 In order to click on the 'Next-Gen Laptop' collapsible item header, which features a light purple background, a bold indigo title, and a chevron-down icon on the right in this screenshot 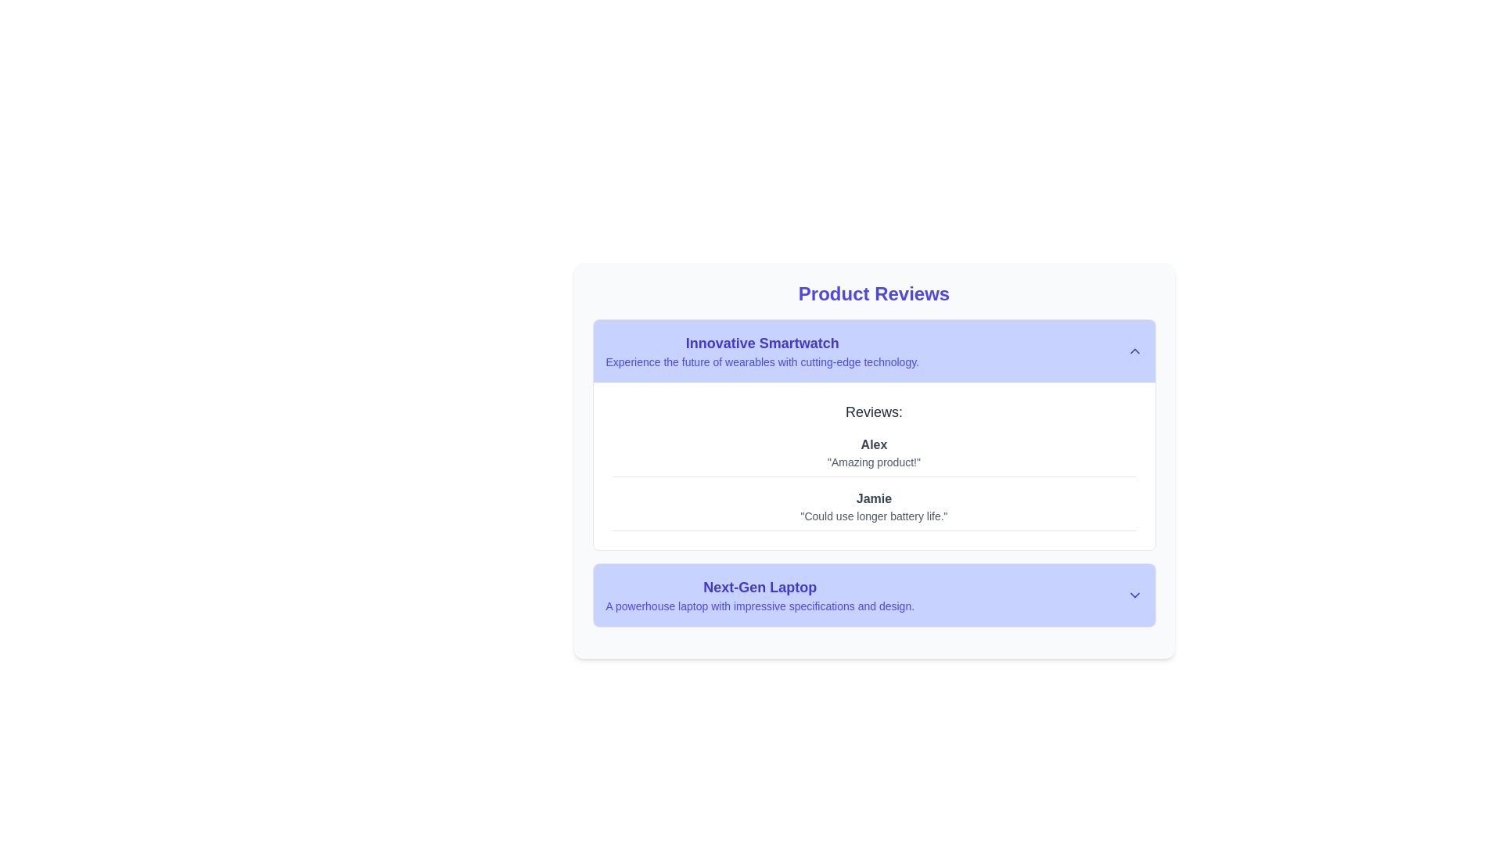, I will do `click(873, 595)`.